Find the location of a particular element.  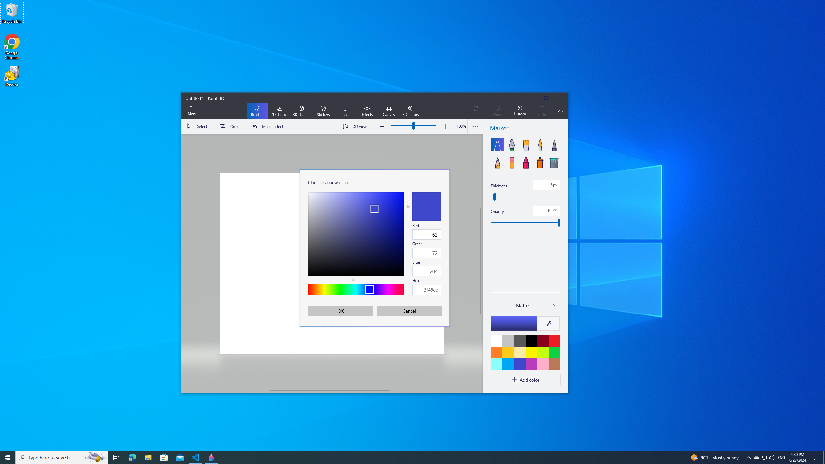

'Action Center, No new notifications' is located at coordinates (815, 457).